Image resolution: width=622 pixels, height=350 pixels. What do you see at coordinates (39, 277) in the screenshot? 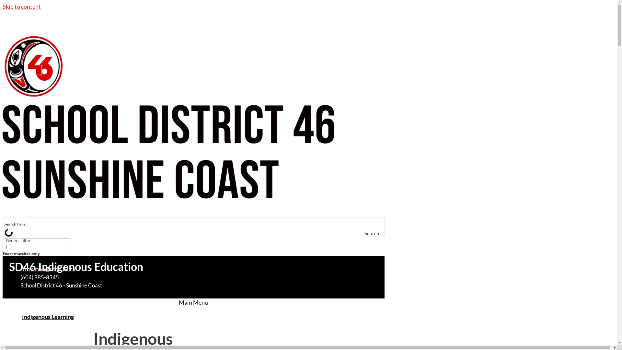
I see `'(604) 885-8345'` at bounding box center [39, 277].